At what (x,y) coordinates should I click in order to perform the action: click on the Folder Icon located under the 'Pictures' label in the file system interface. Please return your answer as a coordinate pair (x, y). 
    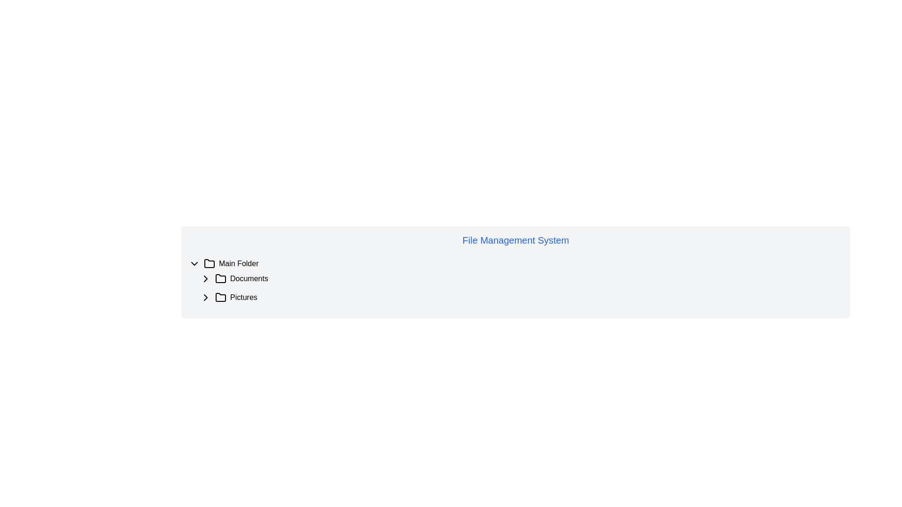
    Looking at the image, I should click on (220, 297).